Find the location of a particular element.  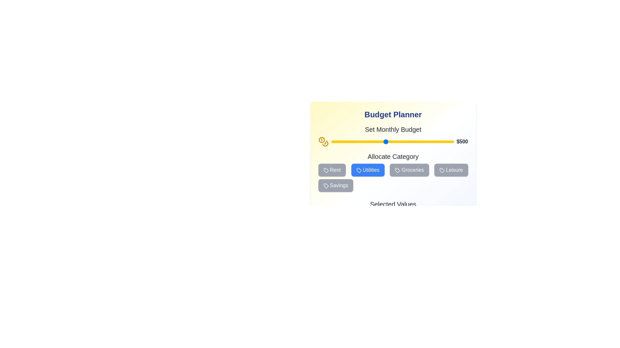

the budget slider is located at coordinates (427, 141).